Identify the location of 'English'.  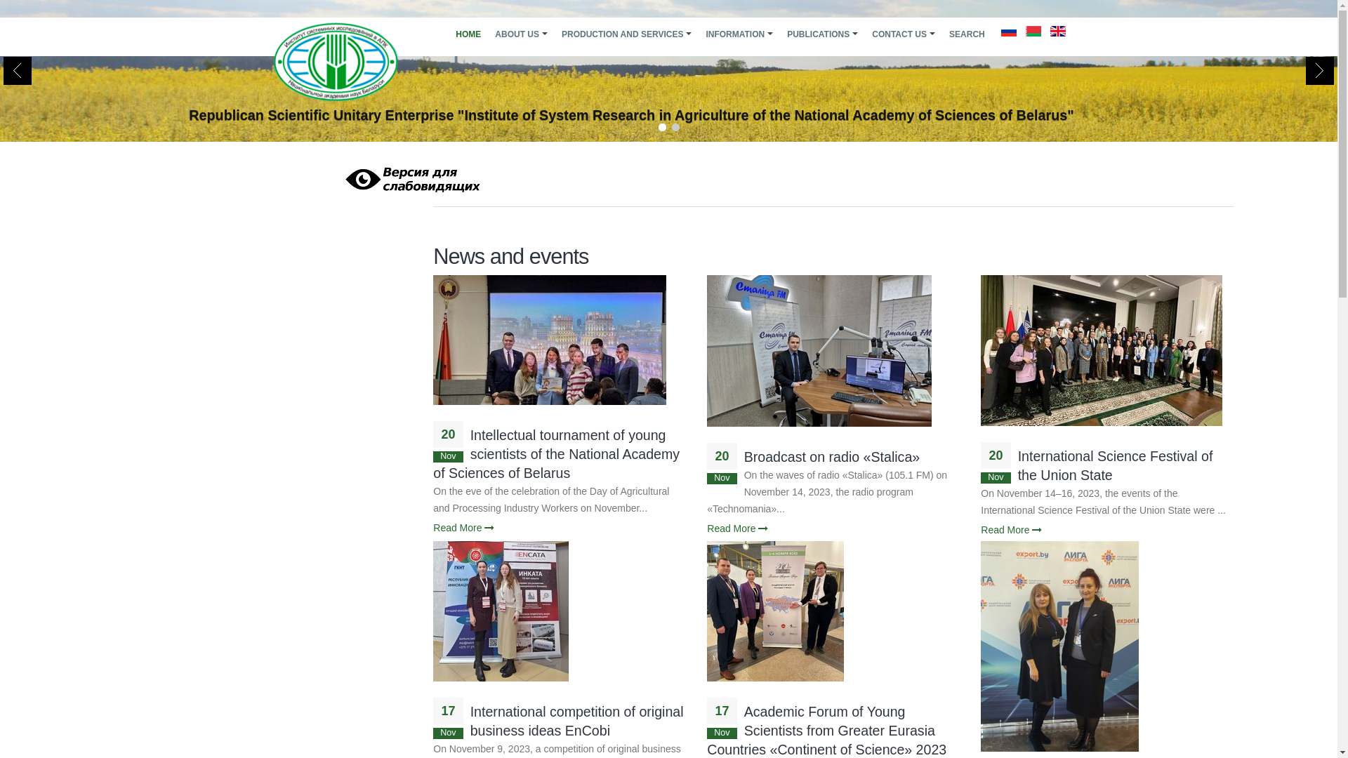
(1058, 29).